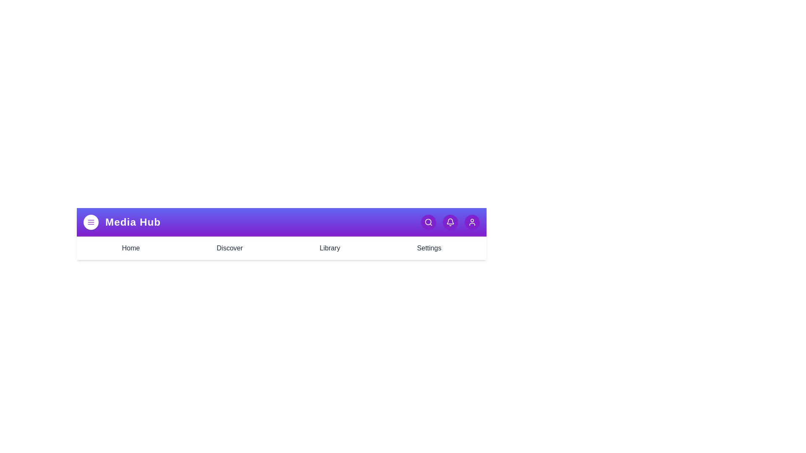 This screenshot has height=453, width=806. Describe the element at coordinates (230, 247) in the screenshot. I see `the Discover tab to navigate to the respective section` at that location.